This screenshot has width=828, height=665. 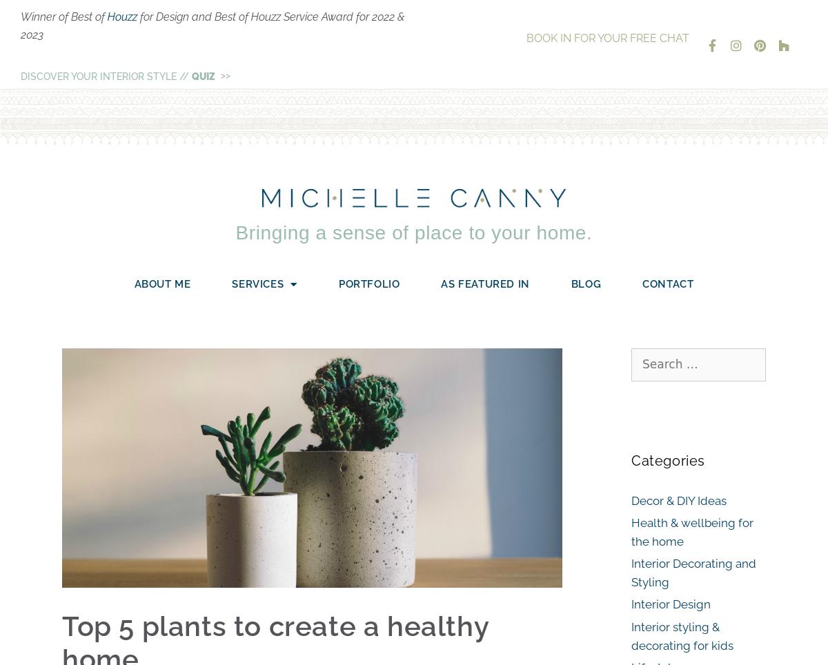 I want to click on 'Bringing a sense of place to your home.', so click(x=413, y=232).